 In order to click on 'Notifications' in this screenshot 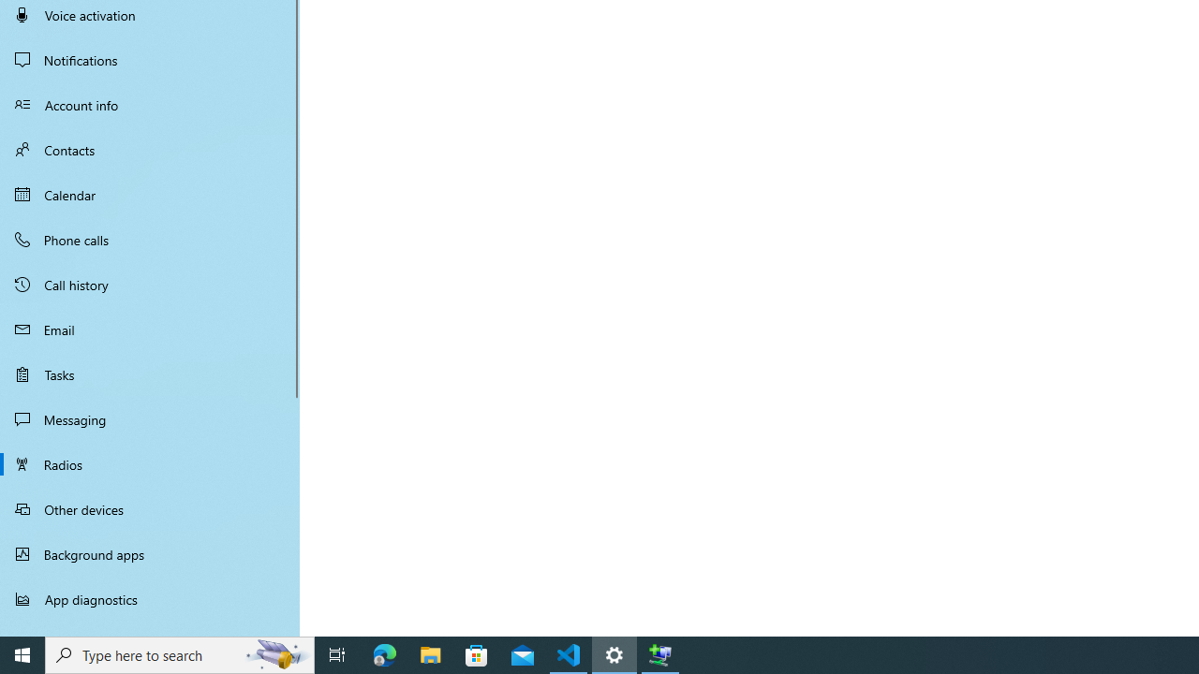, I will do `click(150, 59)`.